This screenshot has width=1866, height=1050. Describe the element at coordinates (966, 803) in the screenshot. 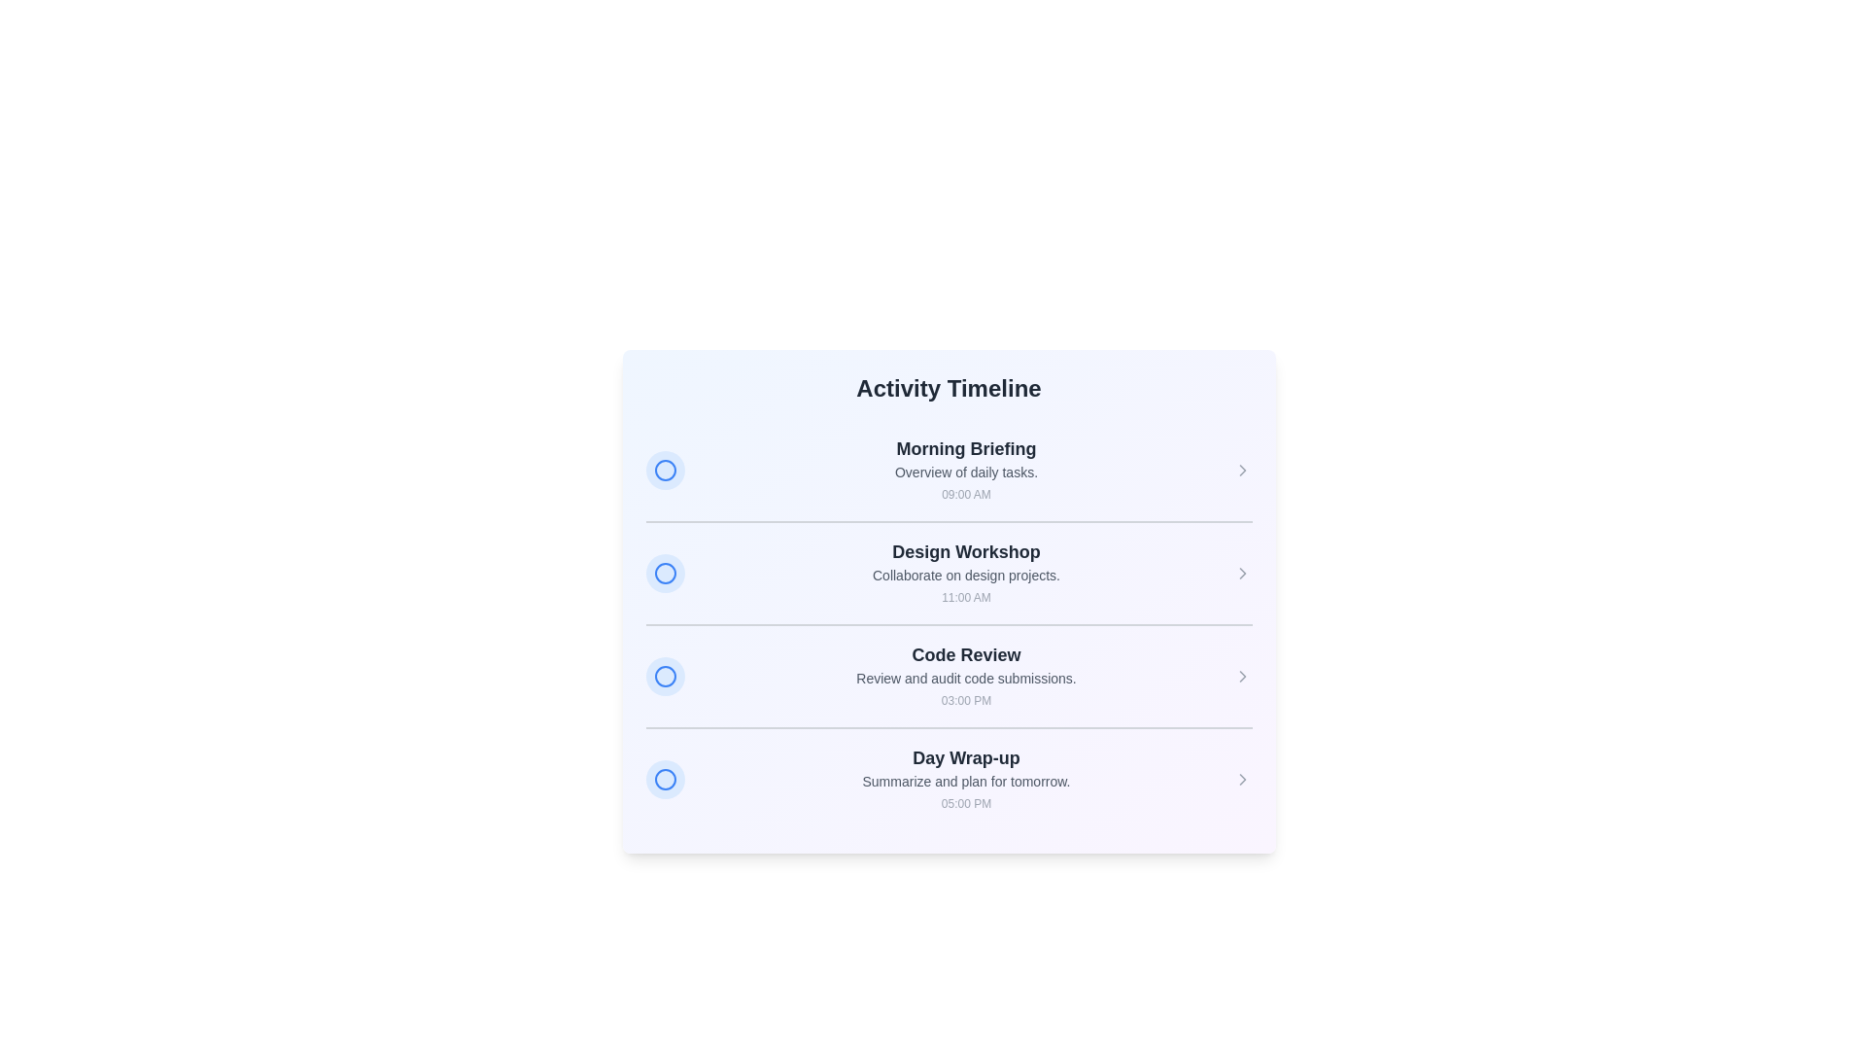

I see `the text label displaying '05:00 PM' located at the lower-right section of the 'Day Wrap-up' card, which is styled in gray and has a smaller font size` at that location.